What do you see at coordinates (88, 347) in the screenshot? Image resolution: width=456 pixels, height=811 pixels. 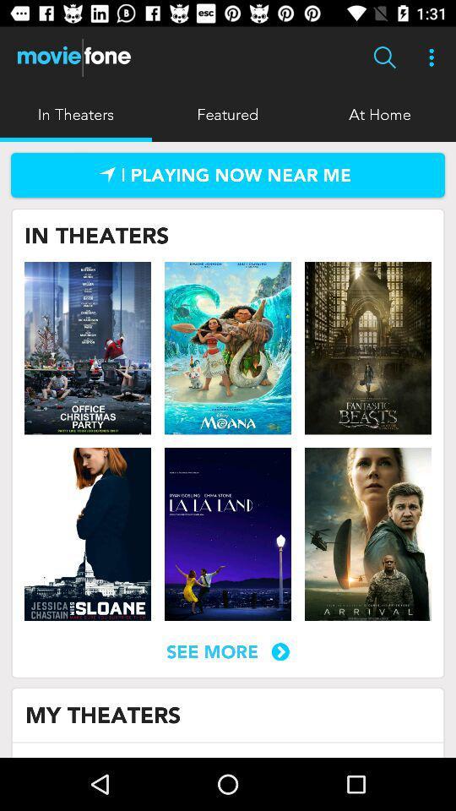 I see `movie 's page` at bounding box center [88, 347].